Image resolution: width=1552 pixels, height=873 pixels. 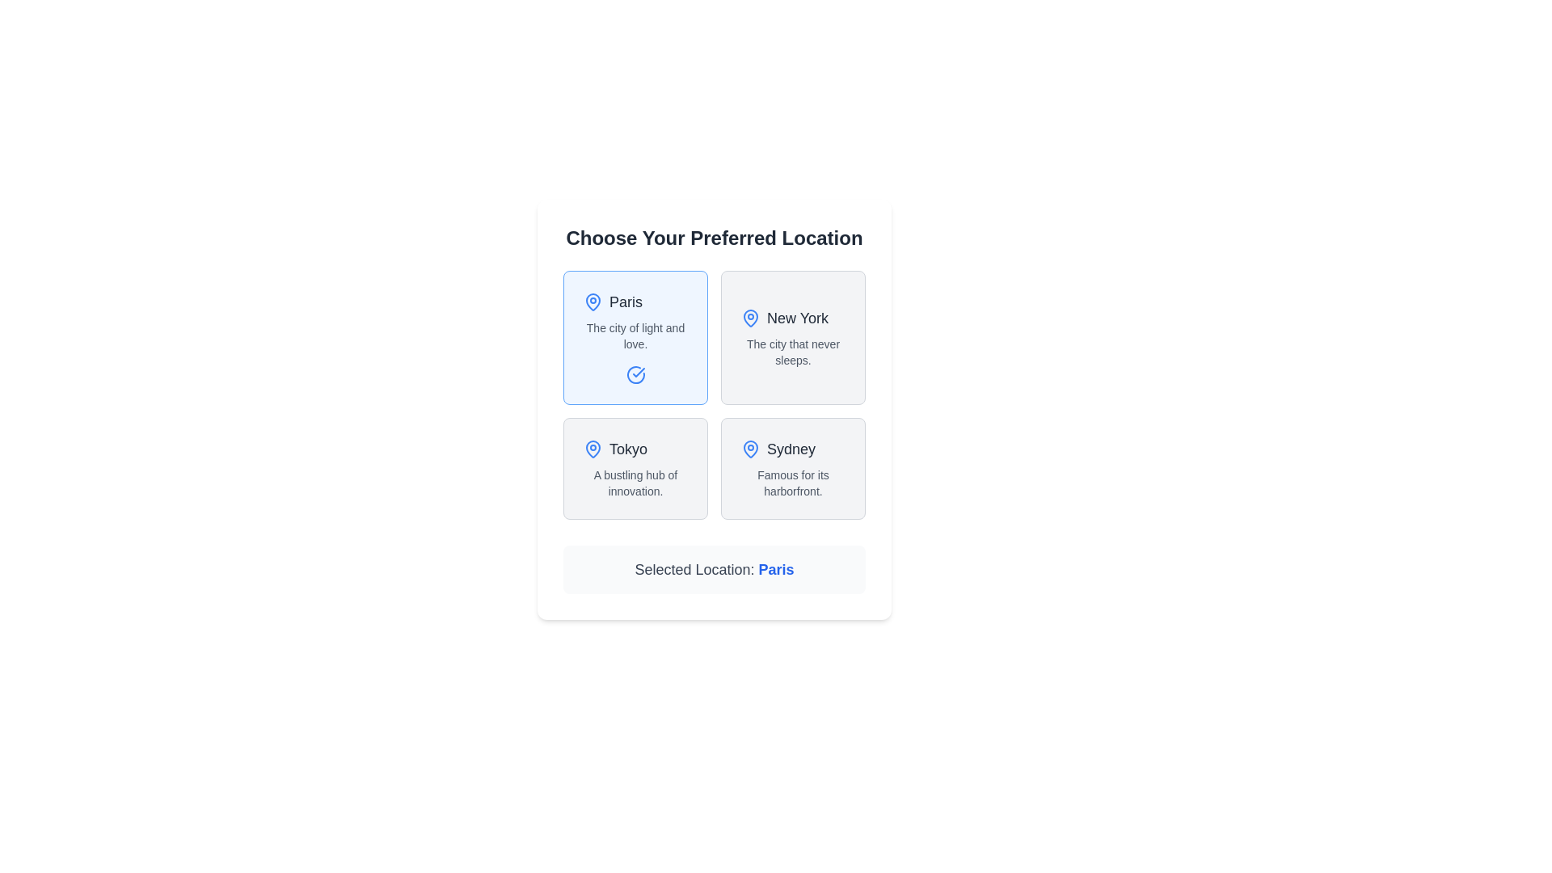 I want to click on text label 'New York' which is styled in bold and medium-sized font, located on the upper right side of a four-option grid, next to a blue map pin icon, so click(x=798, y=318).